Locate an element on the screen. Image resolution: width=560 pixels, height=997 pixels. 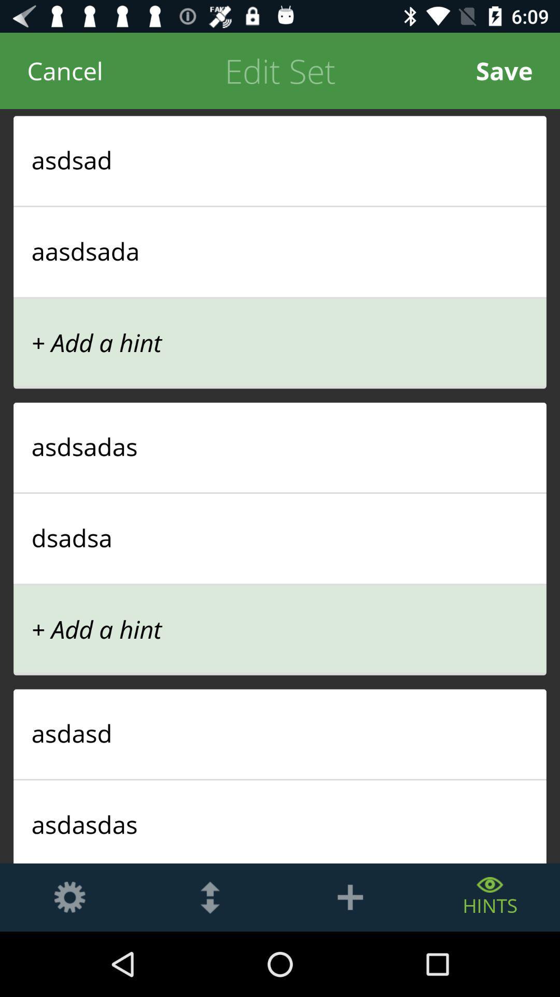
scrolls up or down is located at coordinates (210, 897).